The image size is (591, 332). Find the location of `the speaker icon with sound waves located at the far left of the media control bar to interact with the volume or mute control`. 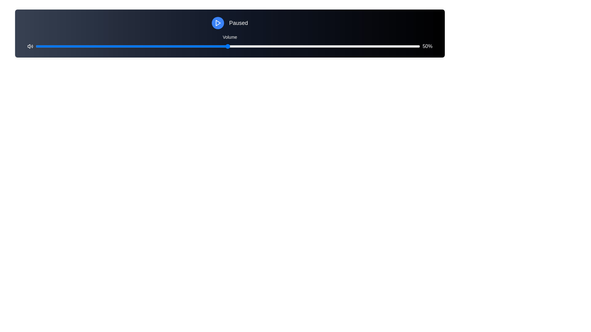

the speaker icon with sound waves located at the far left of the media control bar to interact with the volume or mute control is located at coordinates (29, 46).